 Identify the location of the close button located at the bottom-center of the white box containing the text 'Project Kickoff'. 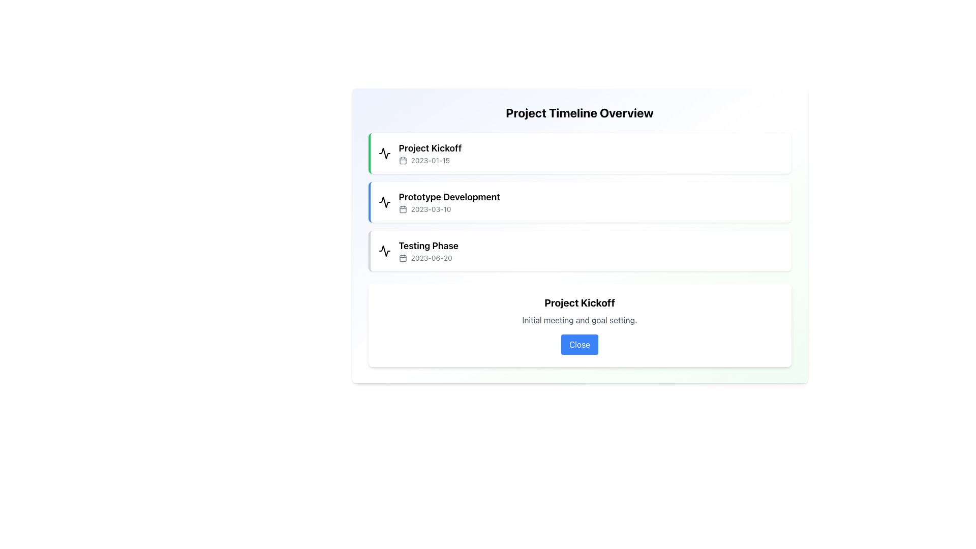
(579, 344).